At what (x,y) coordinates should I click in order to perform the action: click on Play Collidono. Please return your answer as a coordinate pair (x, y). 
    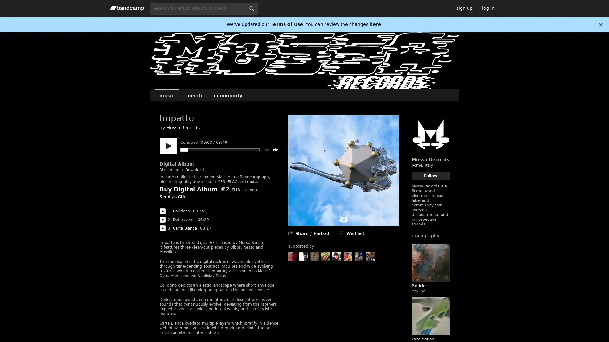
    Looking at the image, I should click on (162, 211).